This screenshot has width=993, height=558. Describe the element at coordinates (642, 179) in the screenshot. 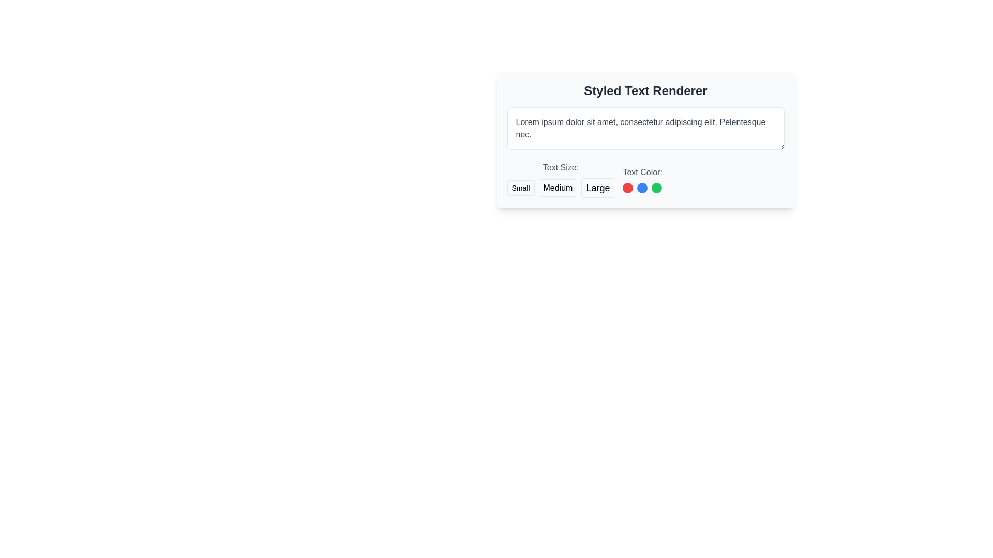

I see `the circular color selection buttons next to the label 'Text Color:'` at that location.